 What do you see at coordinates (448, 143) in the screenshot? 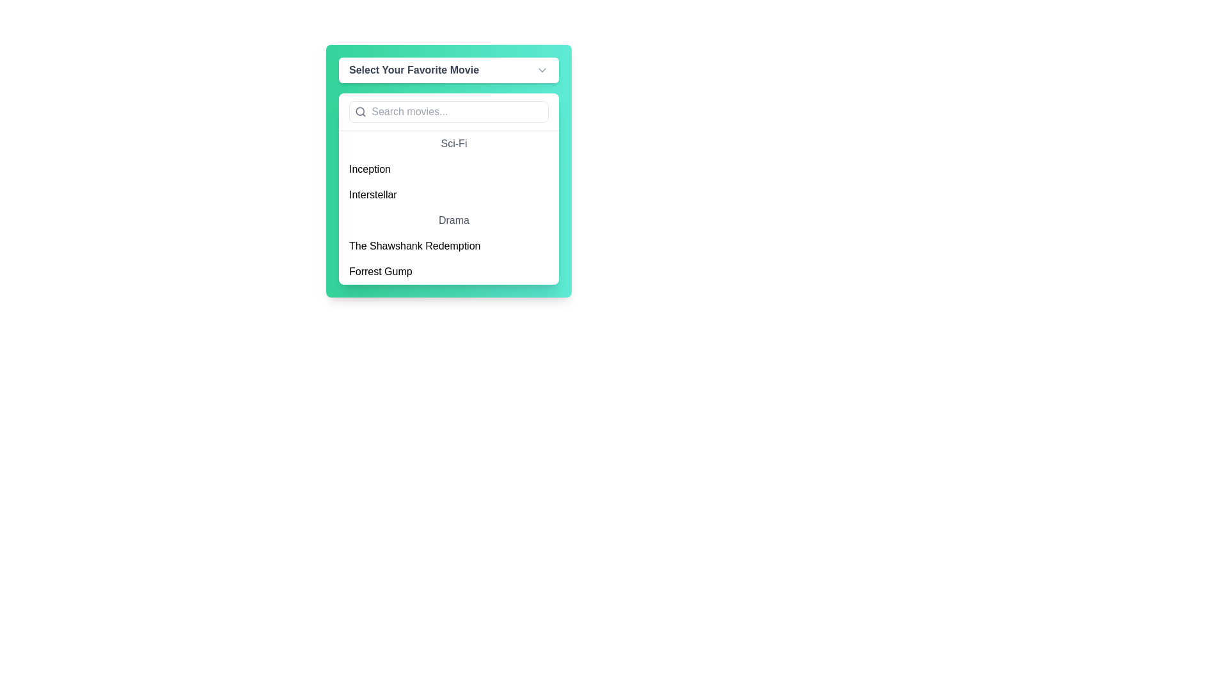
I see `the text label that categorizes items in the dropdown menu as part of the Sci-Fi genre, located above the entries 'Inception' and 'Interstellar'` at bounding box center [448, 143].